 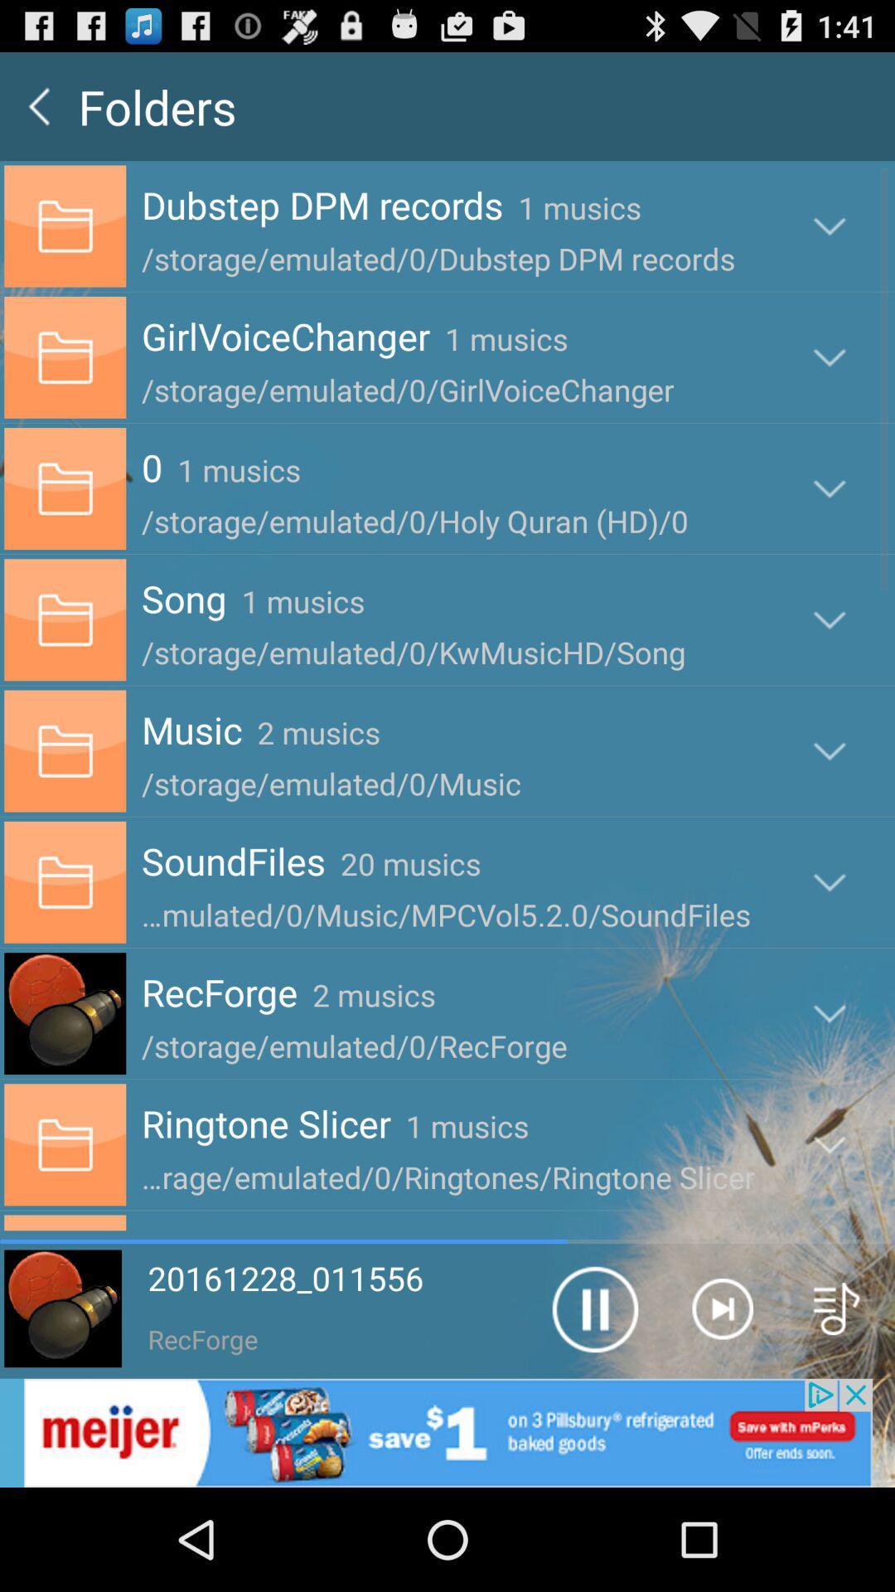 What do you see at coordinates (721, 1400) in the screenshot?
I see `the skip_next icon` at bounding box center [721, 1400].